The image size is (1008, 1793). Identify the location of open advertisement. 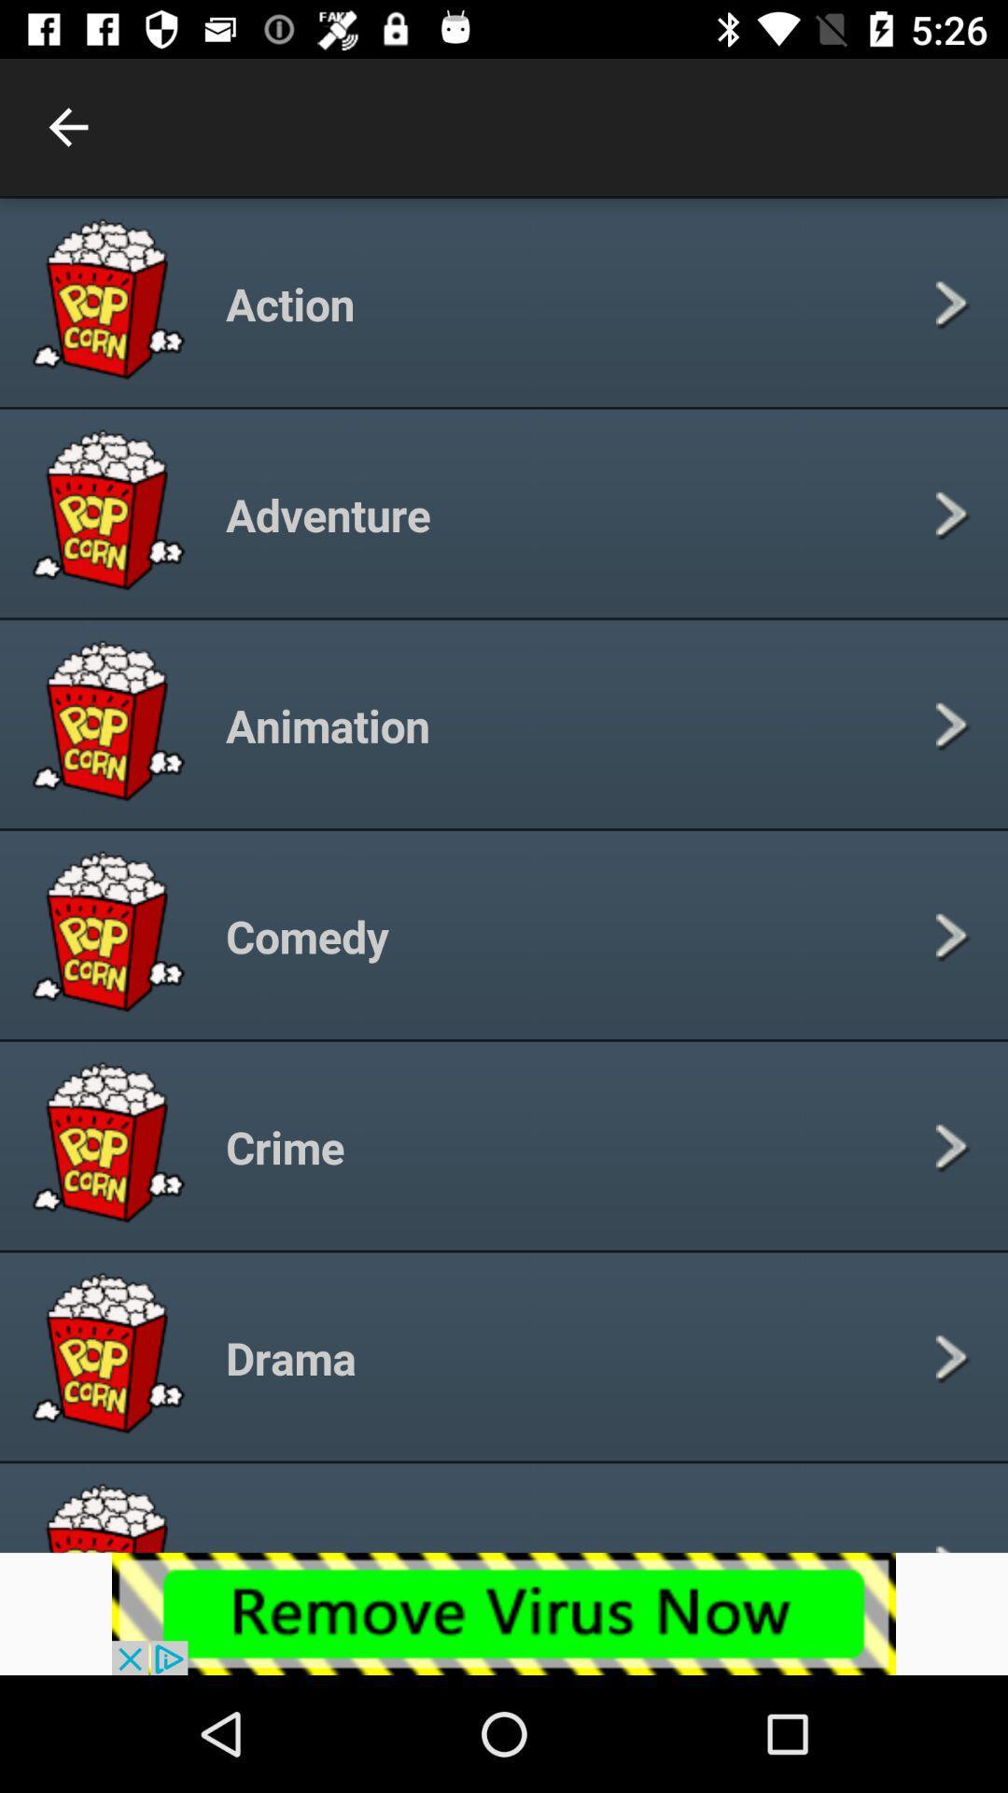
(504, 1613).